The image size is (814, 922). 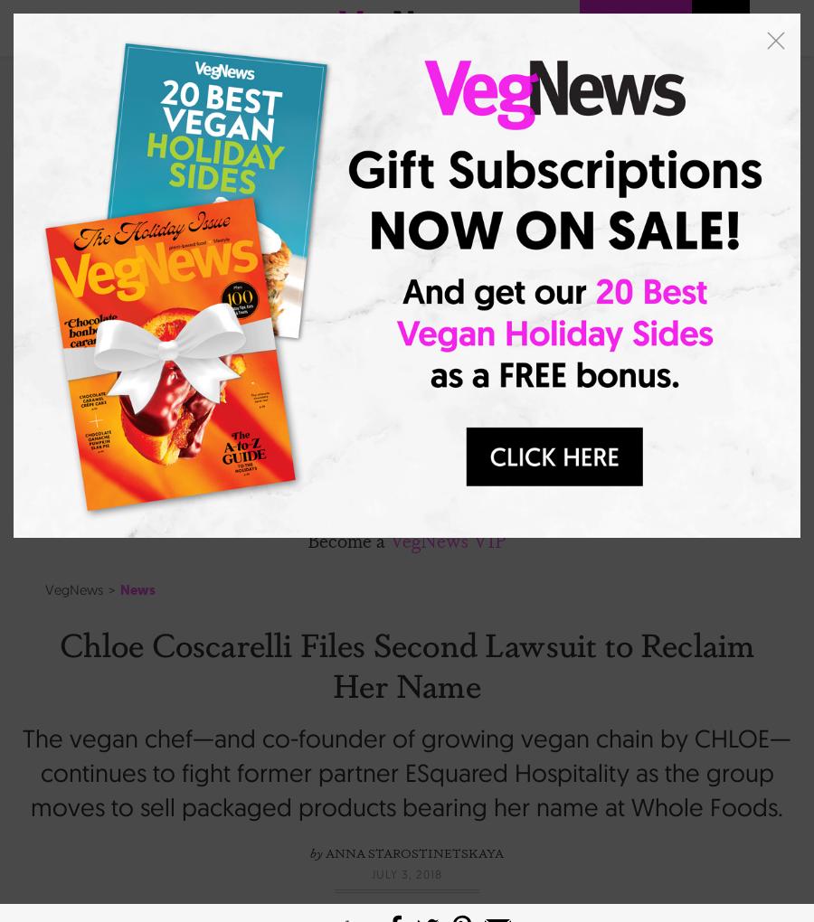 I want to click on 'Anna Starostinetskaya', so click(x=326, y=850).